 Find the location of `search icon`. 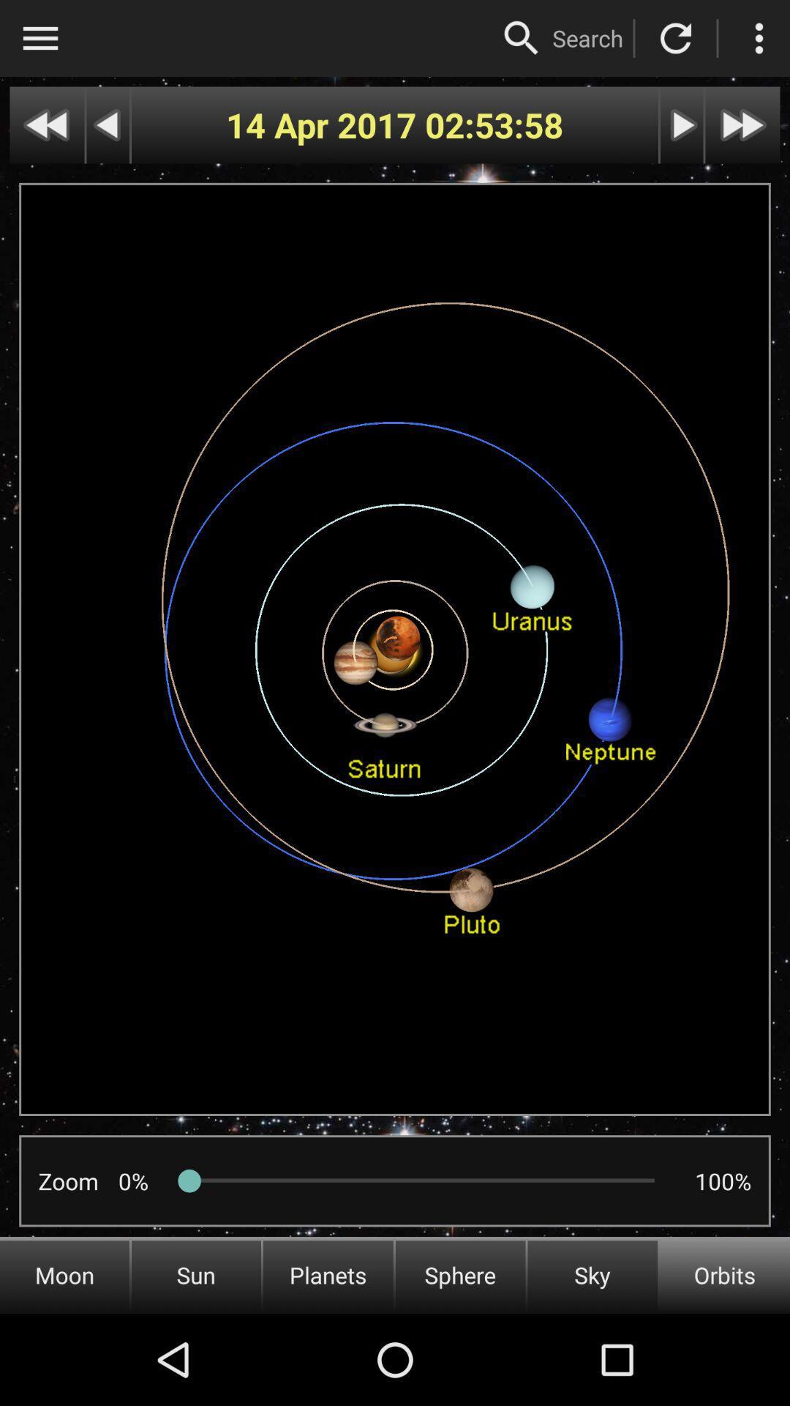

search icon is located at coordinates (587, 38).